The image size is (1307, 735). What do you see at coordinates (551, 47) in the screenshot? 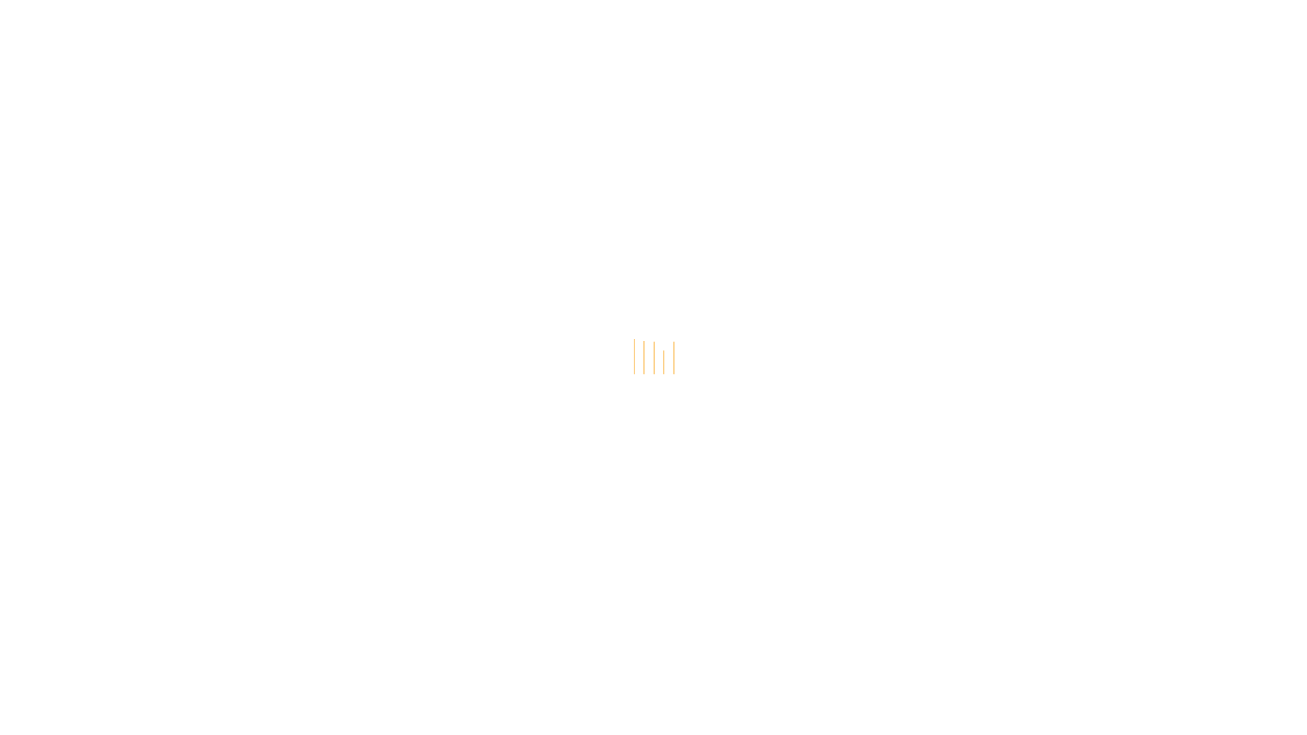
I see `'NEWS/MEDIA'` at bounding box center [551, 47].